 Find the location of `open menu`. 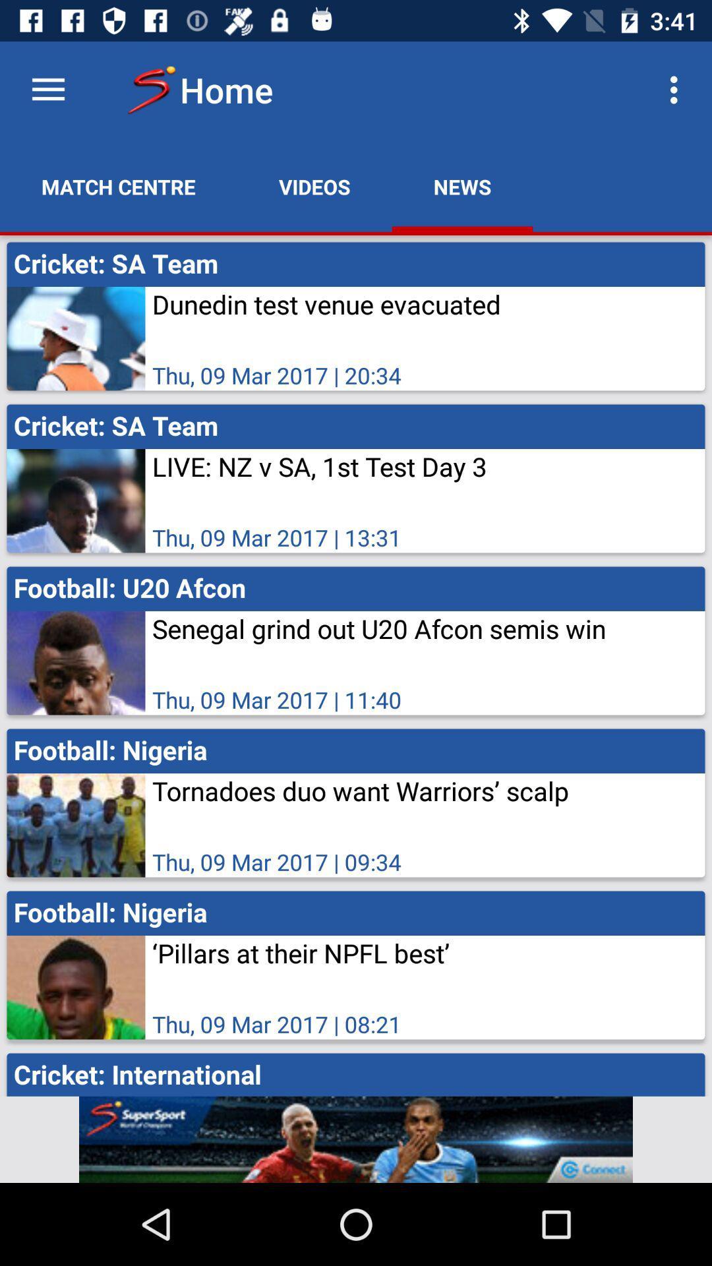

open menu is located at coordinates (47, 89).